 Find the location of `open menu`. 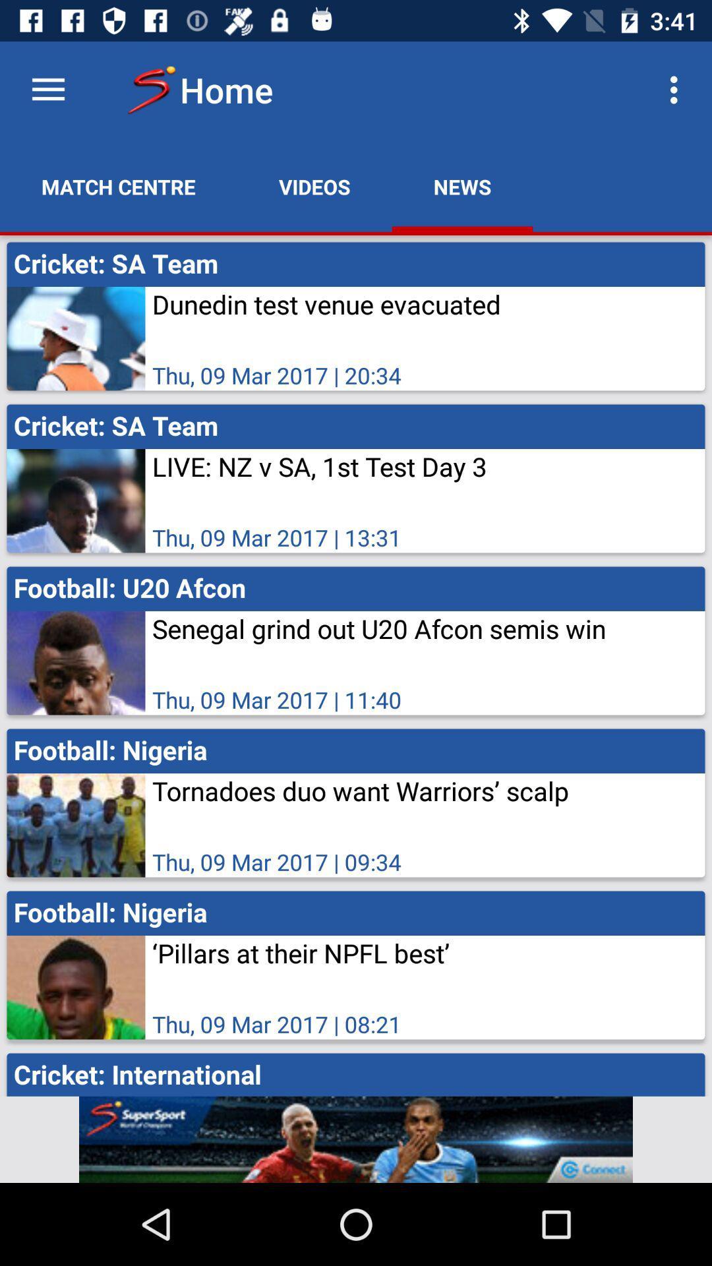

open menu is located at coordinates (47, 89).